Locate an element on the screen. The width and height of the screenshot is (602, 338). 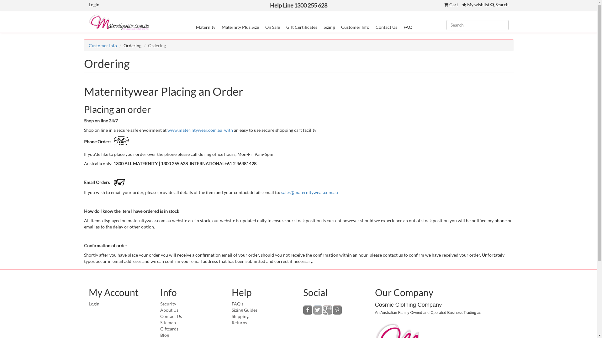
'Facebook' is located at coordinates (308, 310).